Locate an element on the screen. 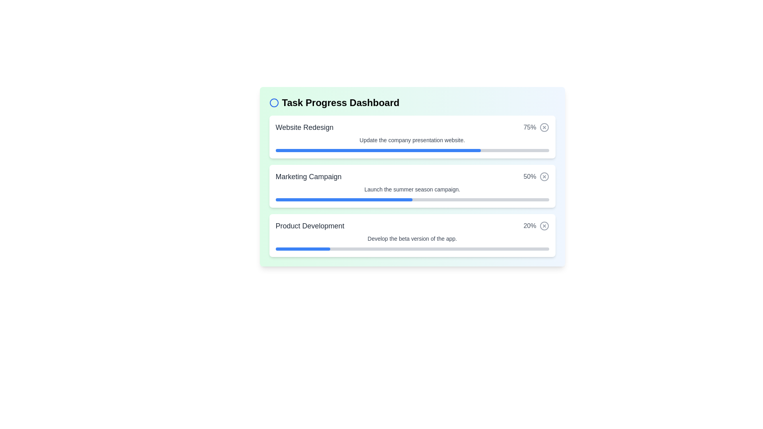 This screenshot has width=763, height=429. the progress percentage text indicating the completion level of the 'Website Redesign' task, located at the top-right corner of the task block is located at coordinates (530, 127).